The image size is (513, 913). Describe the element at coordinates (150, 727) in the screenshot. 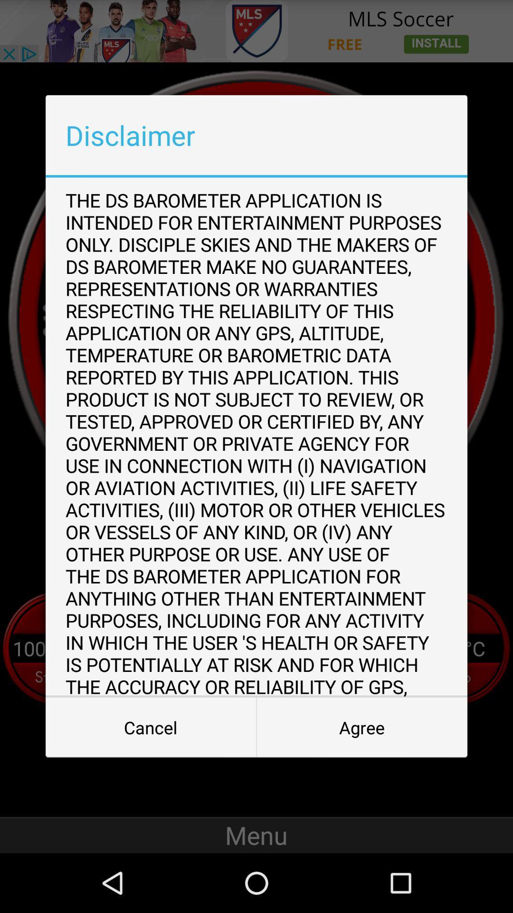

I see `the button at the bottom left corner` at that location.